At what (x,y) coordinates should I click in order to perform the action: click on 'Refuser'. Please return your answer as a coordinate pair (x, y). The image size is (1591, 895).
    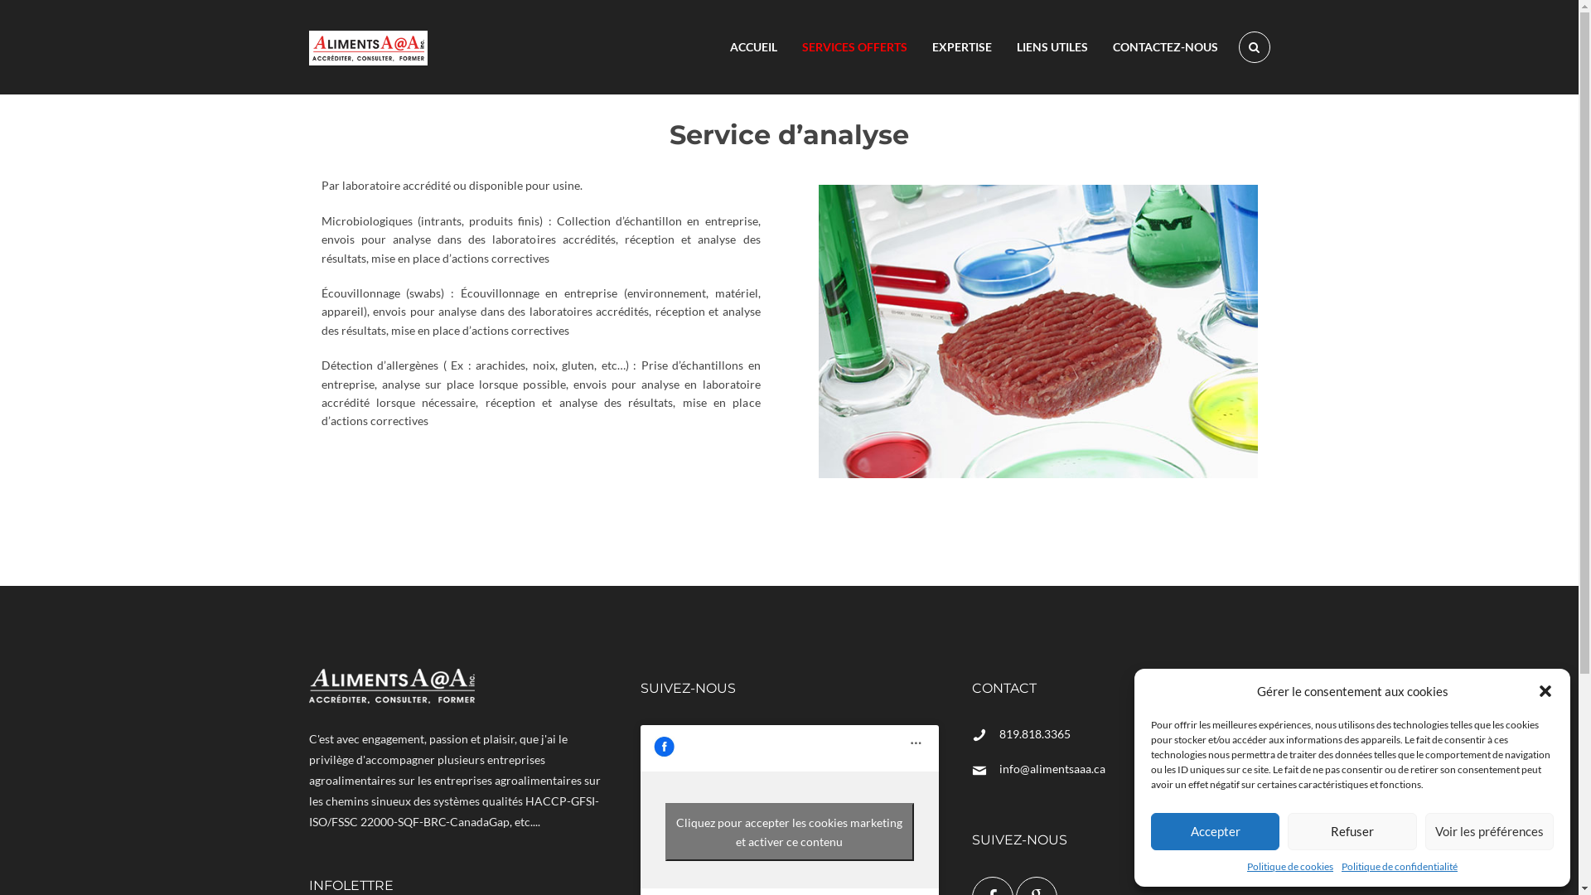
    Looking at the image, I should click on (1352, 831).